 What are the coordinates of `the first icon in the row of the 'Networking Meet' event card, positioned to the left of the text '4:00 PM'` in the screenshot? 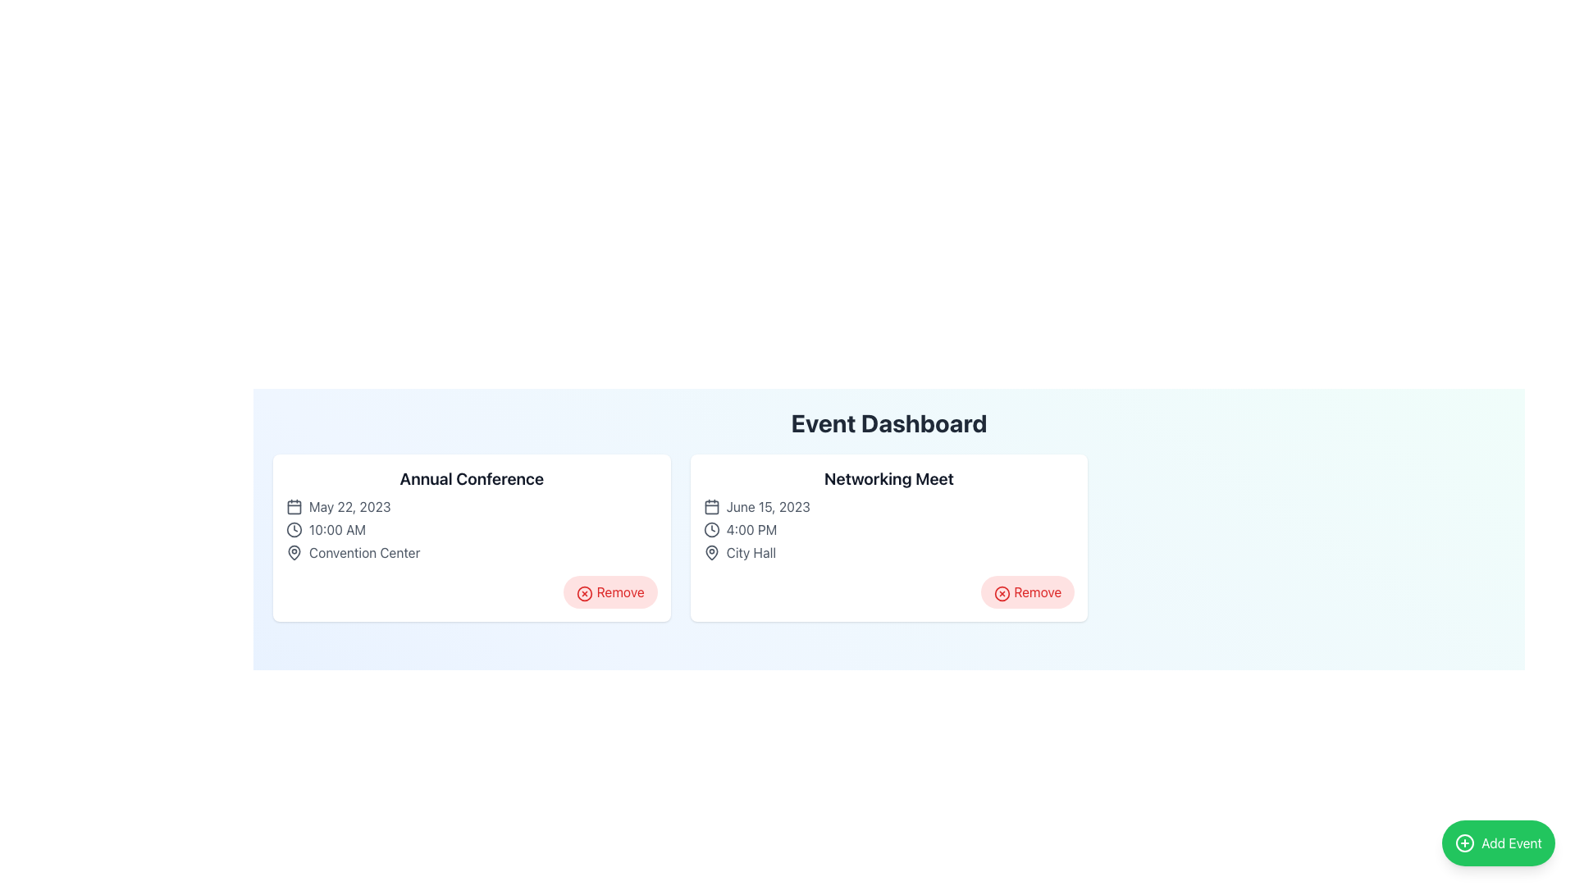 It's located at (711, 529).